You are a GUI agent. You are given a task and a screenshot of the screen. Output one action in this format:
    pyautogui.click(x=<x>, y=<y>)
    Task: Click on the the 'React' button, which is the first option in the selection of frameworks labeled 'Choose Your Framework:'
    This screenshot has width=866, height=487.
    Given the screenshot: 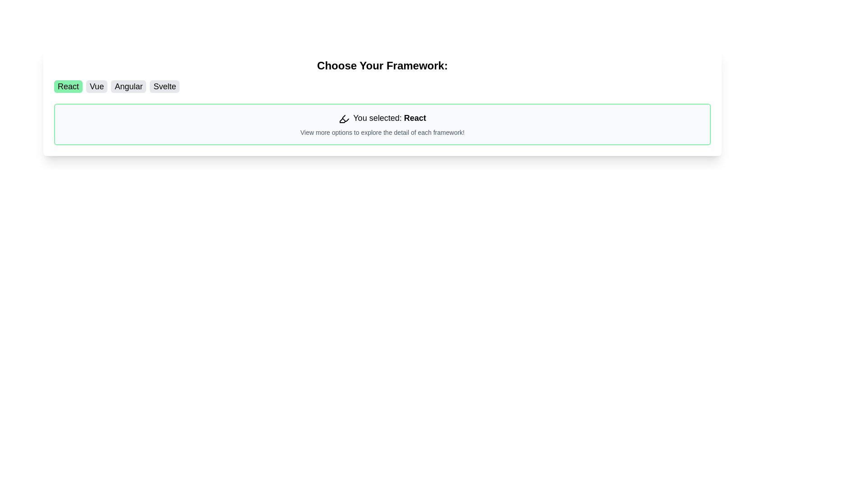 What is the action you would take?
    pyautogui.click(x=68, y=87)
    